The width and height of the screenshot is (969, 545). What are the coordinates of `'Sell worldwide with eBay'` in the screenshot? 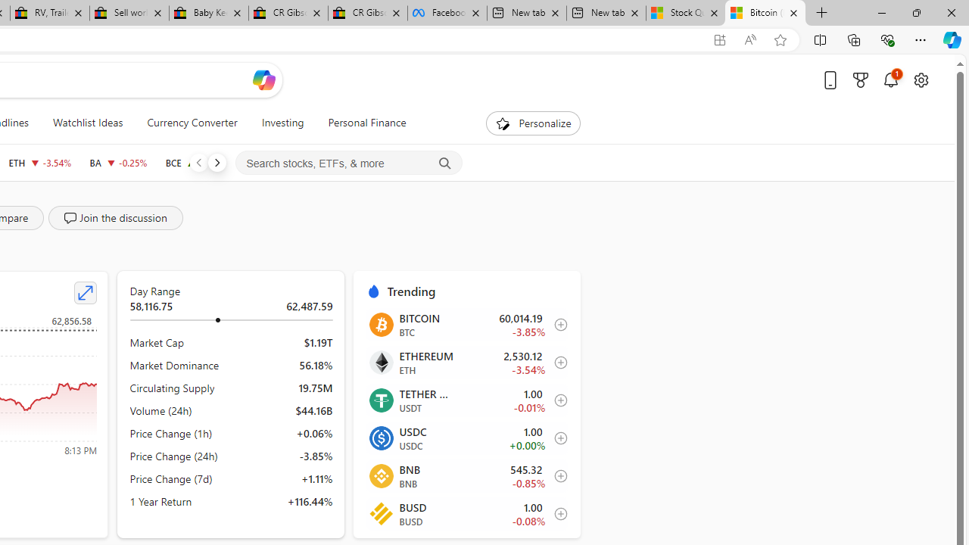 It's located at (129, 13).